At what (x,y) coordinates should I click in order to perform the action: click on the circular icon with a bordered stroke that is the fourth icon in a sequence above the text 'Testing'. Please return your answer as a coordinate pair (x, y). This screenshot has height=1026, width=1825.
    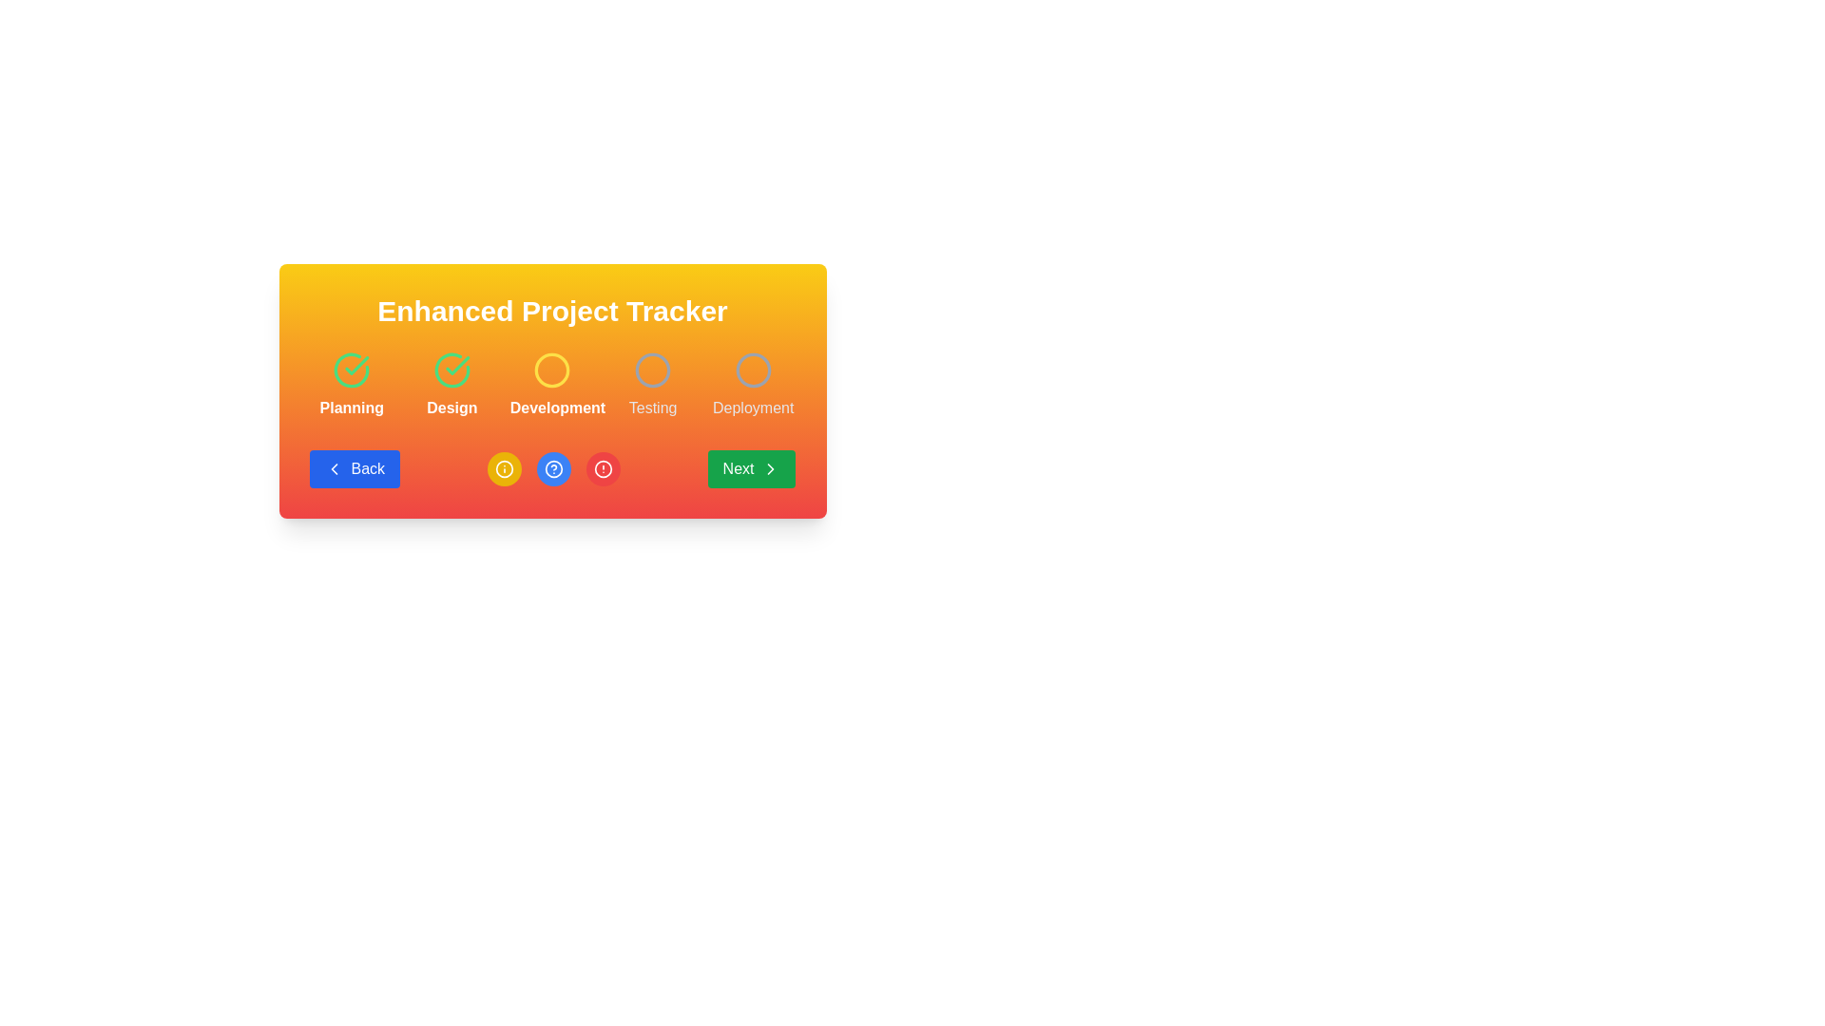
    Looking at the image, I should click on (653, 370).